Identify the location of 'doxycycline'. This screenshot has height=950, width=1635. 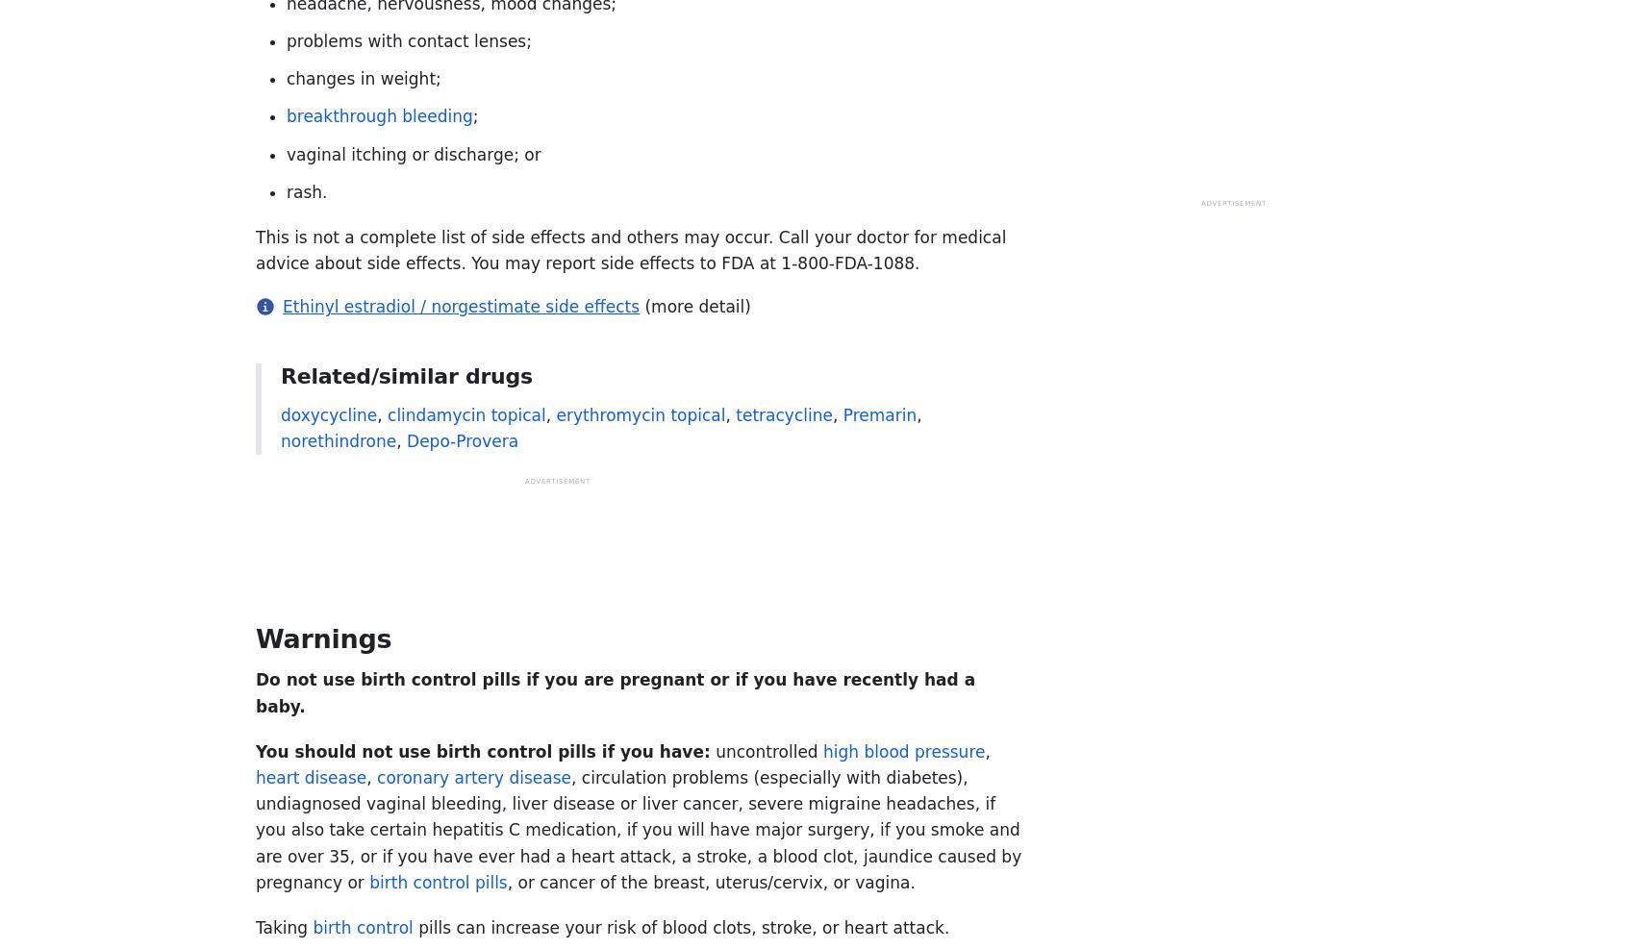
(328, 412).